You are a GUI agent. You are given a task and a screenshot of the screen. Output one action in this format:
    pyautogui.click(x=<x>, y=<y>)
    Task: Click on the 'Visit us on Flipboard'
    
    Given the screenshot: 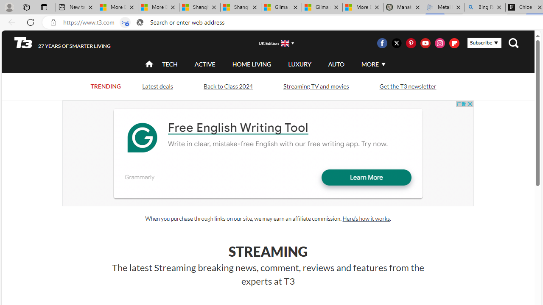 What is the action you would take?
    pyautogui.click(x=453, y=43)
    